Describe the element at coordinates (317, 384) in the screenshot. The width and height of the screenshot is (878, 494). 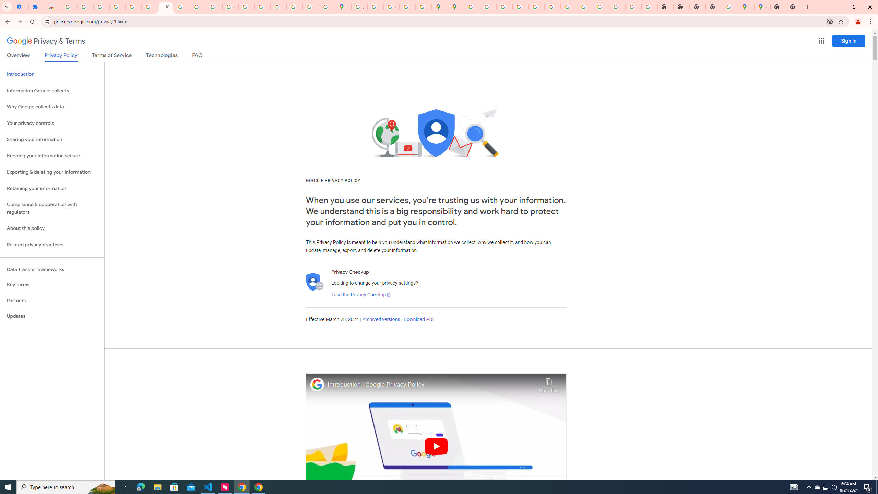
I see `'Photo image of Google'` at that location.